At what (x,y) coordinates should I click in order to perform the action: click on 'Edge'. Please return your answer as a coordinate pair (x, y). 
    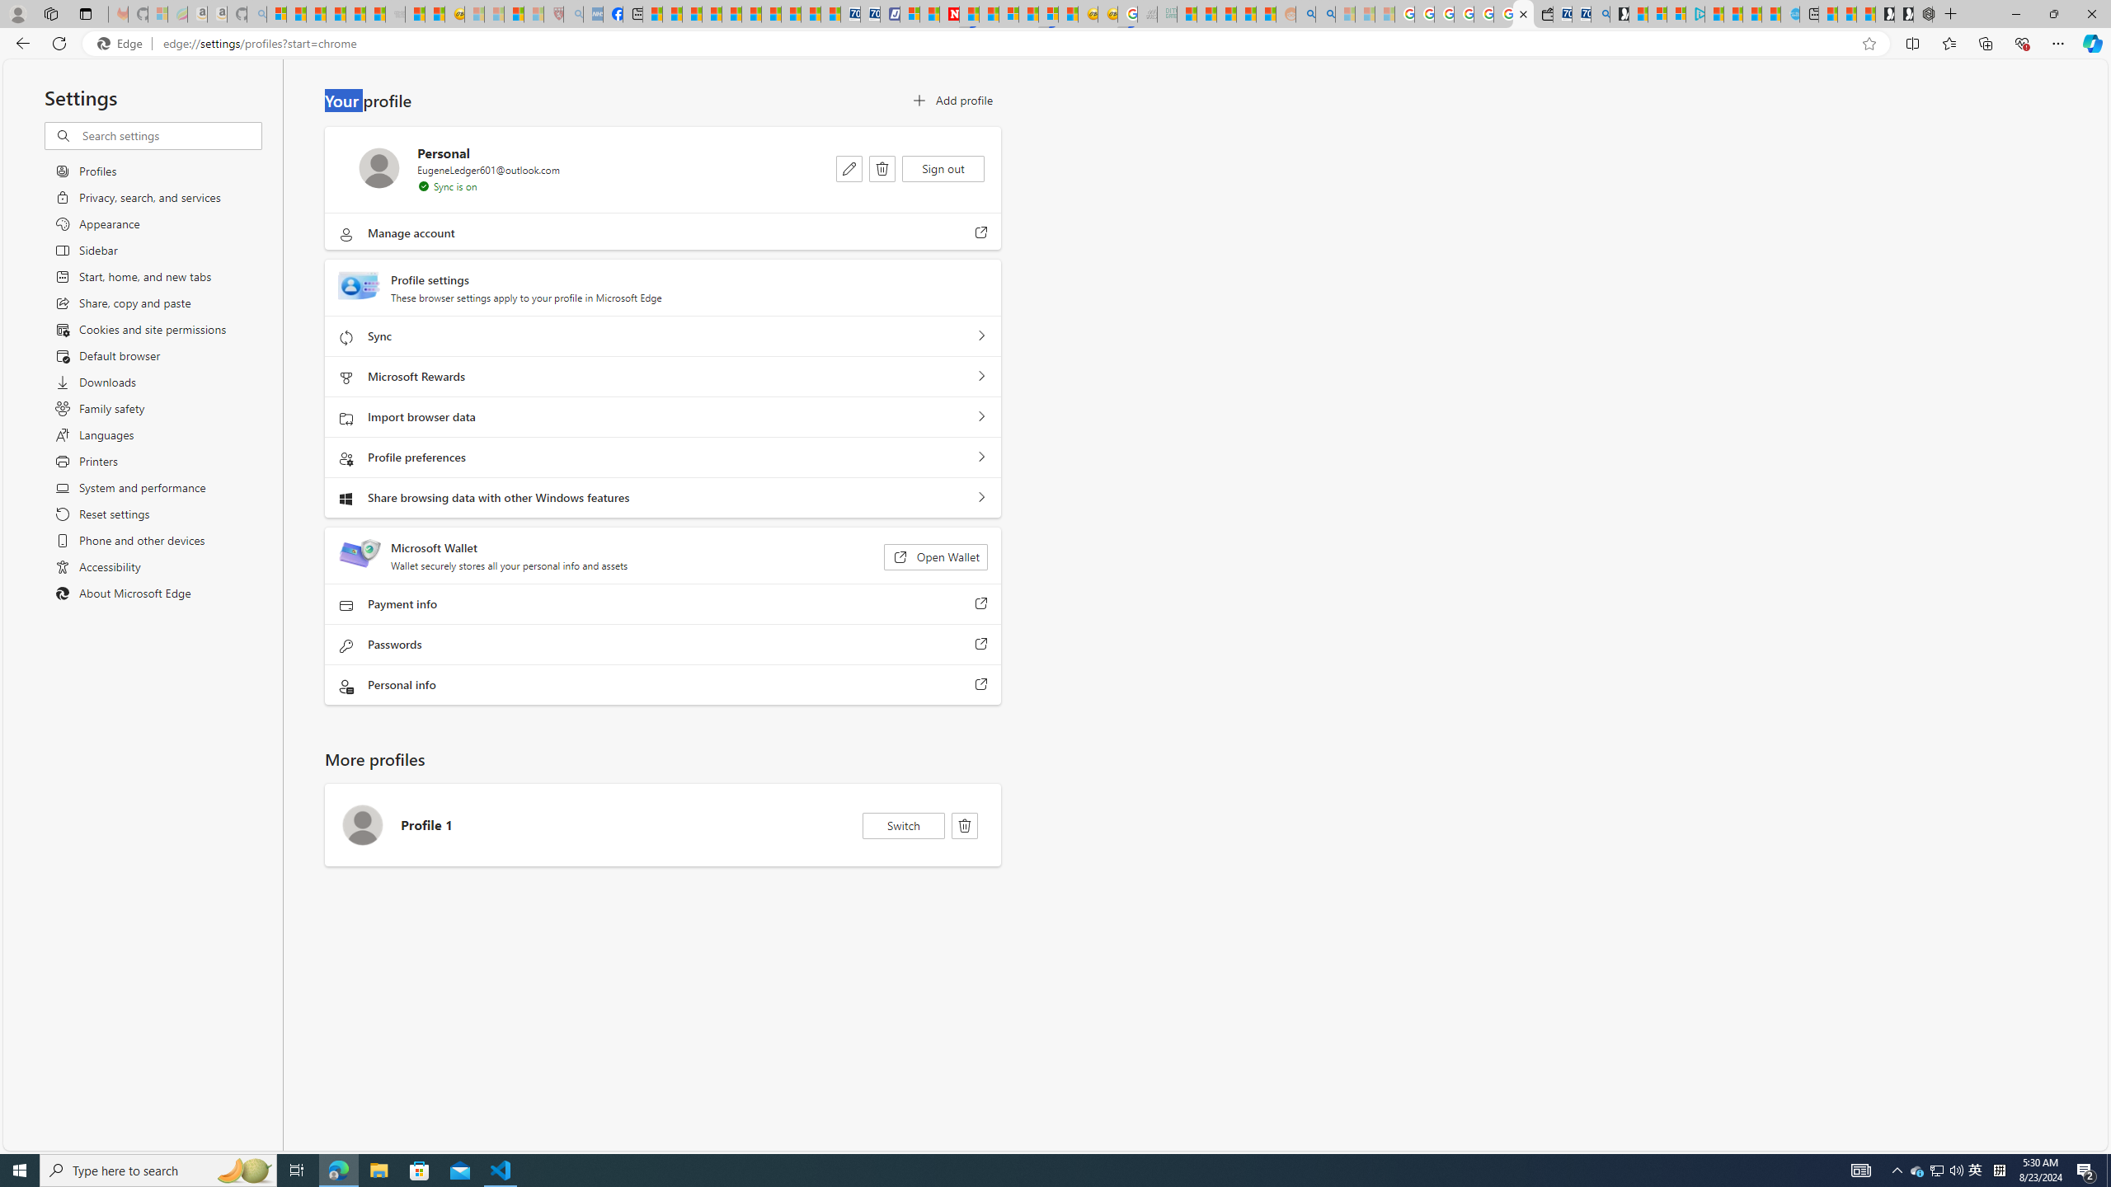
    Looking at the image, I should click on (122, 44).